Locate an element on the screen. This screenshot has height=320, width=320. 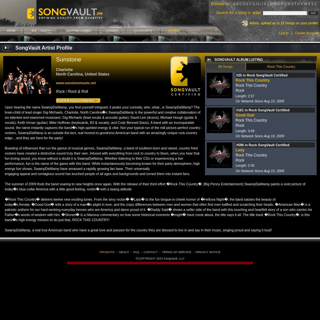
'FAQ' is located at coordinates (136, 252).